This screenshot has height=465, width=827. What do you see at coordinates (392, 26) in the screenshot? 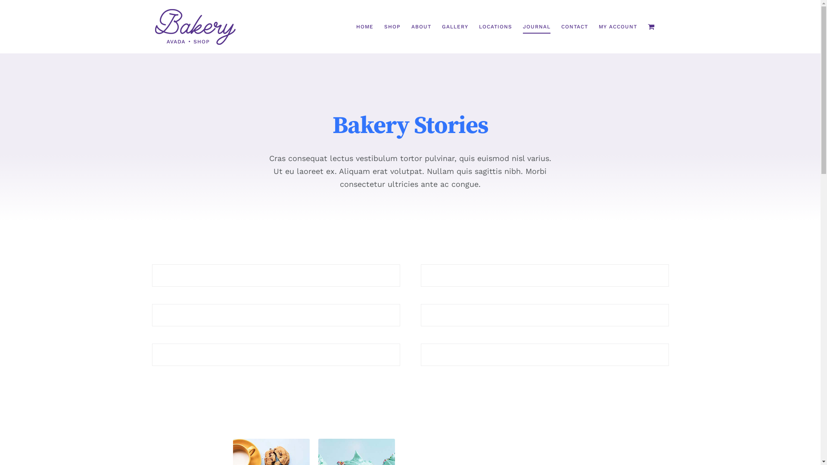
I see `'SHOP'` at bounding box center [392, 26].